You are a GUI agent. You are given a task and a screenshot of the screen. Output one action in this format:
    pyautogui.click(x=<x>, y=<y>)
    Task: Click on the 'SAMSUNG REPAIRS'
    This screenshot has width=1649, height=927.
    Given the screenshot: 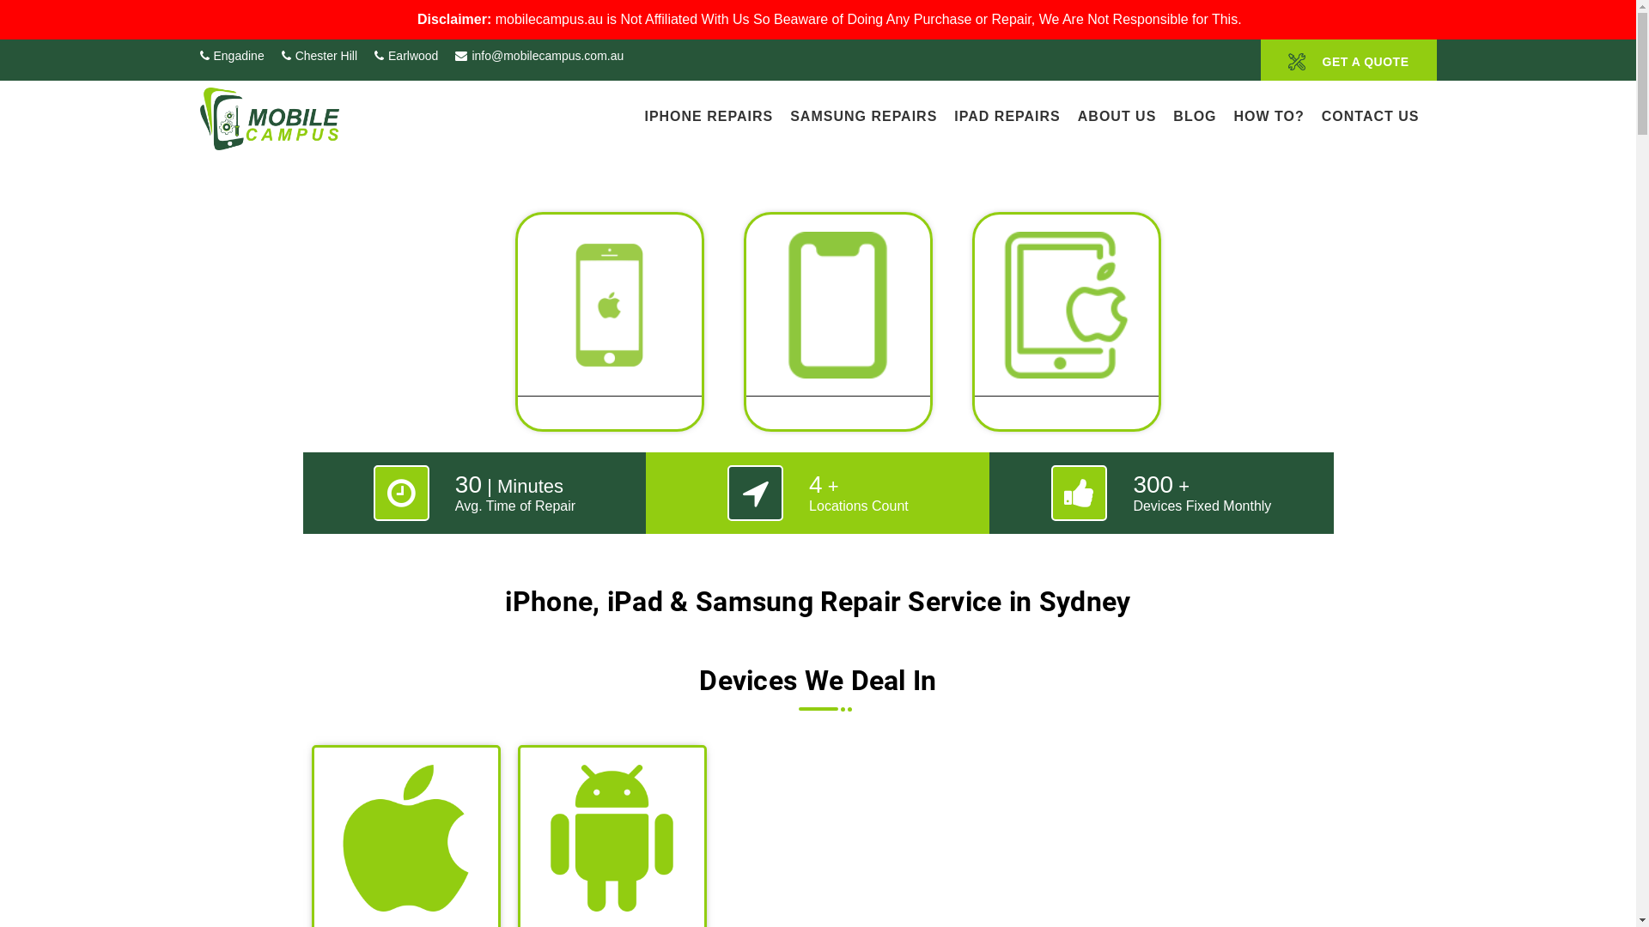 What is the action you would take?
    pyautogui.click(x=863, y=114)
    